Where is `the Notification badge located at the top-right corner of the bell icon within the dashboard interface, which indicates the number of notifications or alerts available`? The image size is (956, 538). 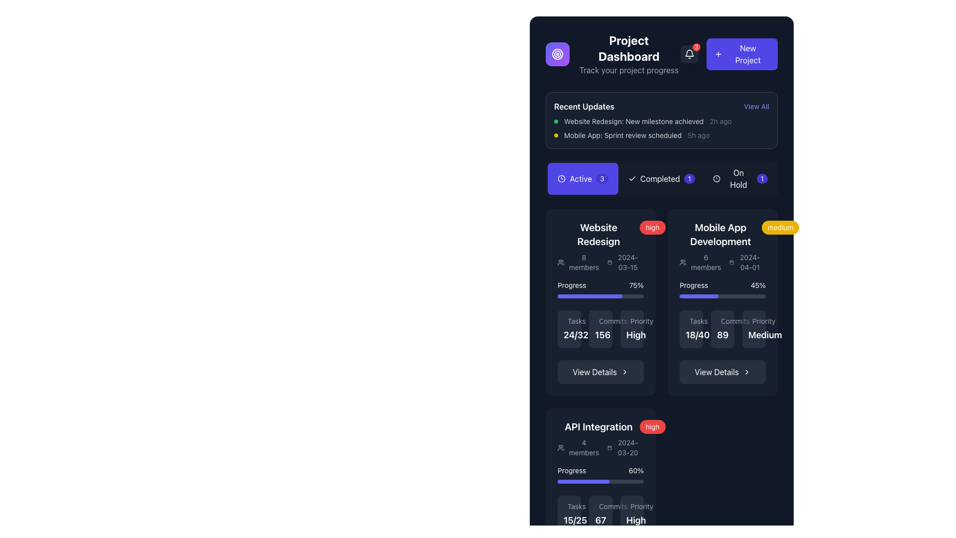
the Notification badge located at the top-right corner of the bell icon within the dashboard interface, which indicates the number of notifications or alerts available is located at coordinates (696, 47).